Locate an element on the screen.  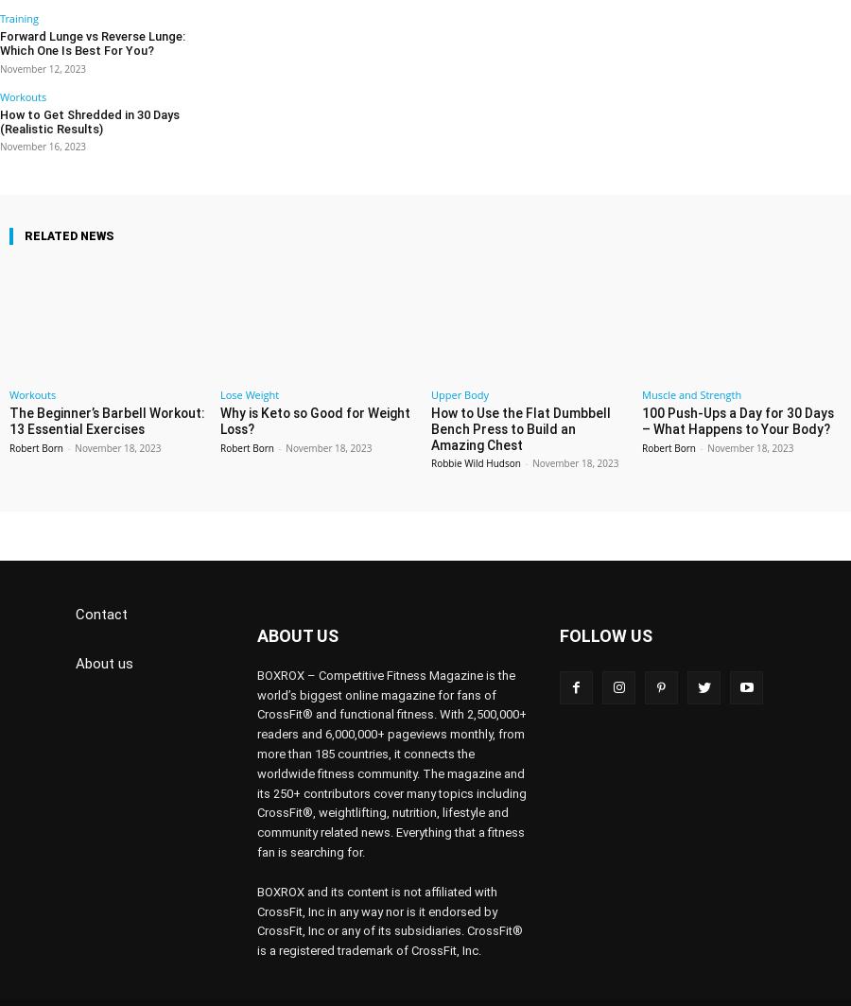
'Contact' is located at coordinates (75, 585).